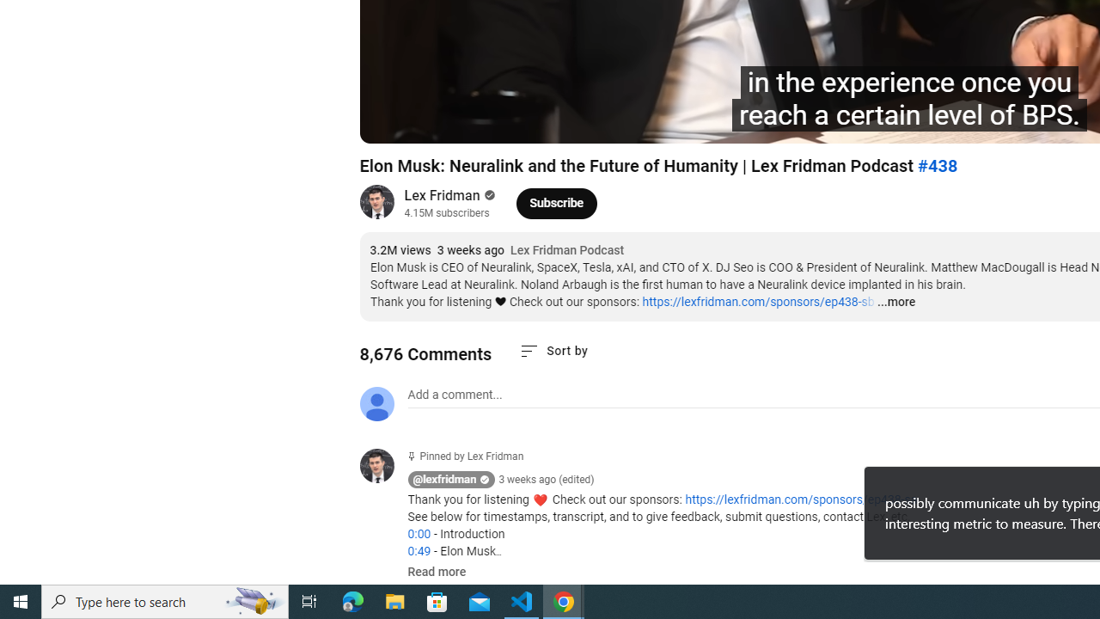 The image size is (1100, 619). Describe the element at coordinates (567, 250) in the screenshot. I see `'Lex Fridman Podcast'` at that location.